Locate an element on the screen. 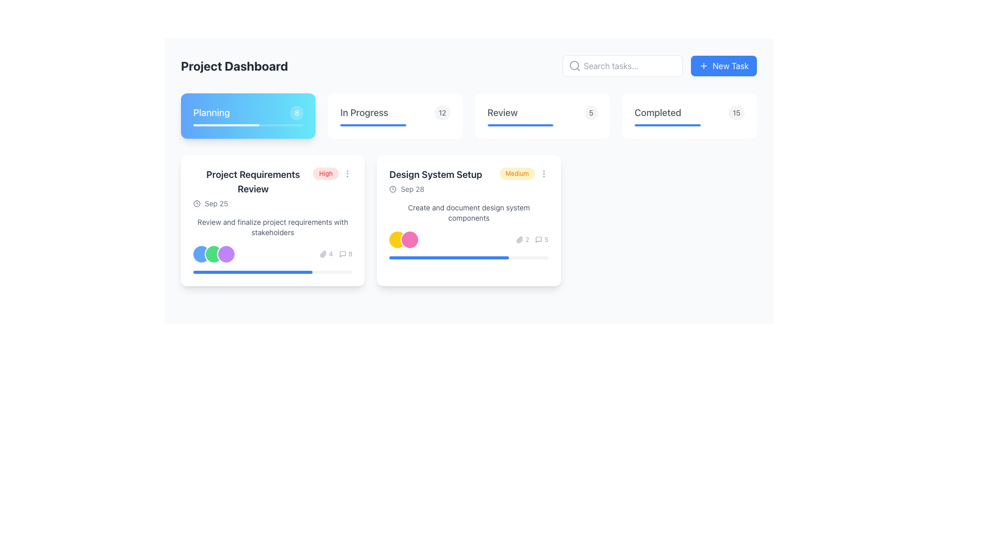  displayed numbers '2' and '5' from the auxiliary information segment located in the lower part of the 'Design System Setup' card, to the right of the colorful circular icons and above the progress bar is located at coordinates (532, 240).